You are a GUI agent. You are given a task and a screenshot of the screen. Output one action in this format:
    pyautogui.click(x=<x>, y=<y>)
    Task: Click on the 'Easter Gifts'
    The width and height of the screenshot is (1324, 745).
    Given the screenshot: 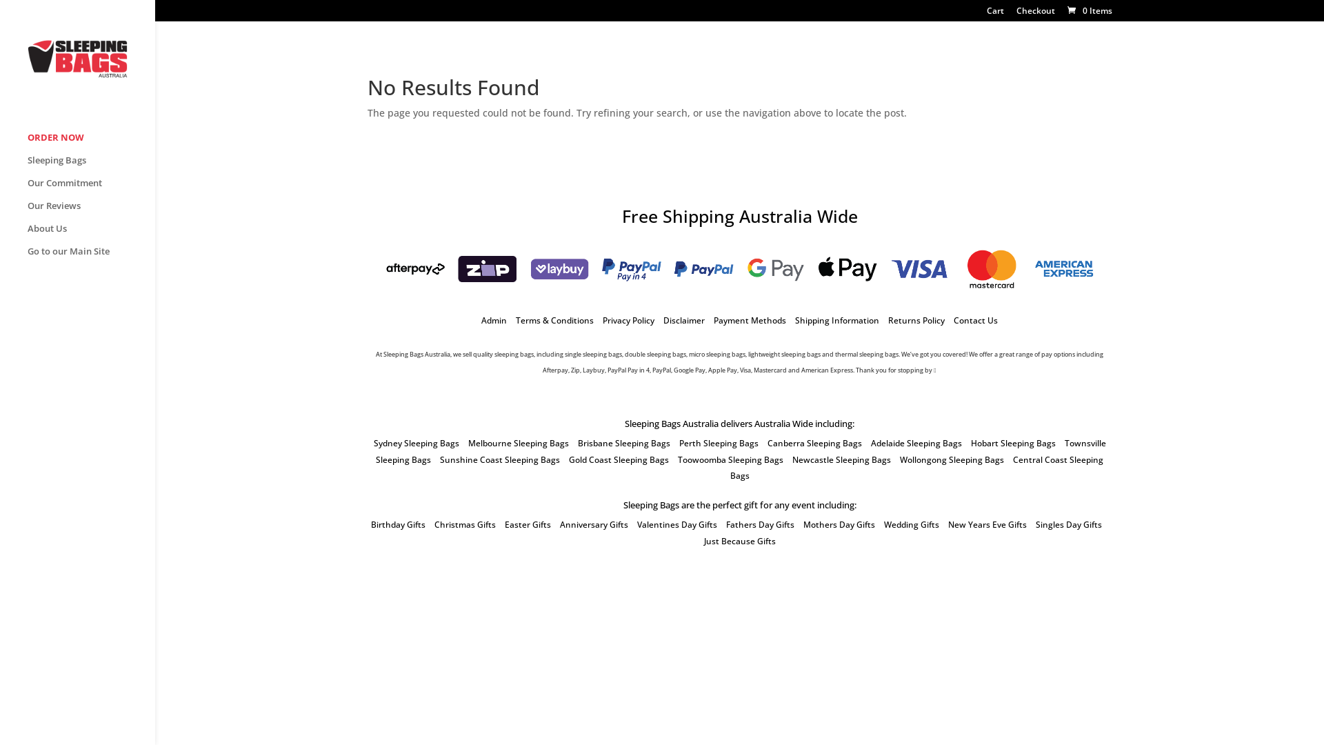 What is the action you would take?
    pyautogui.click(x=527, y=524)
    